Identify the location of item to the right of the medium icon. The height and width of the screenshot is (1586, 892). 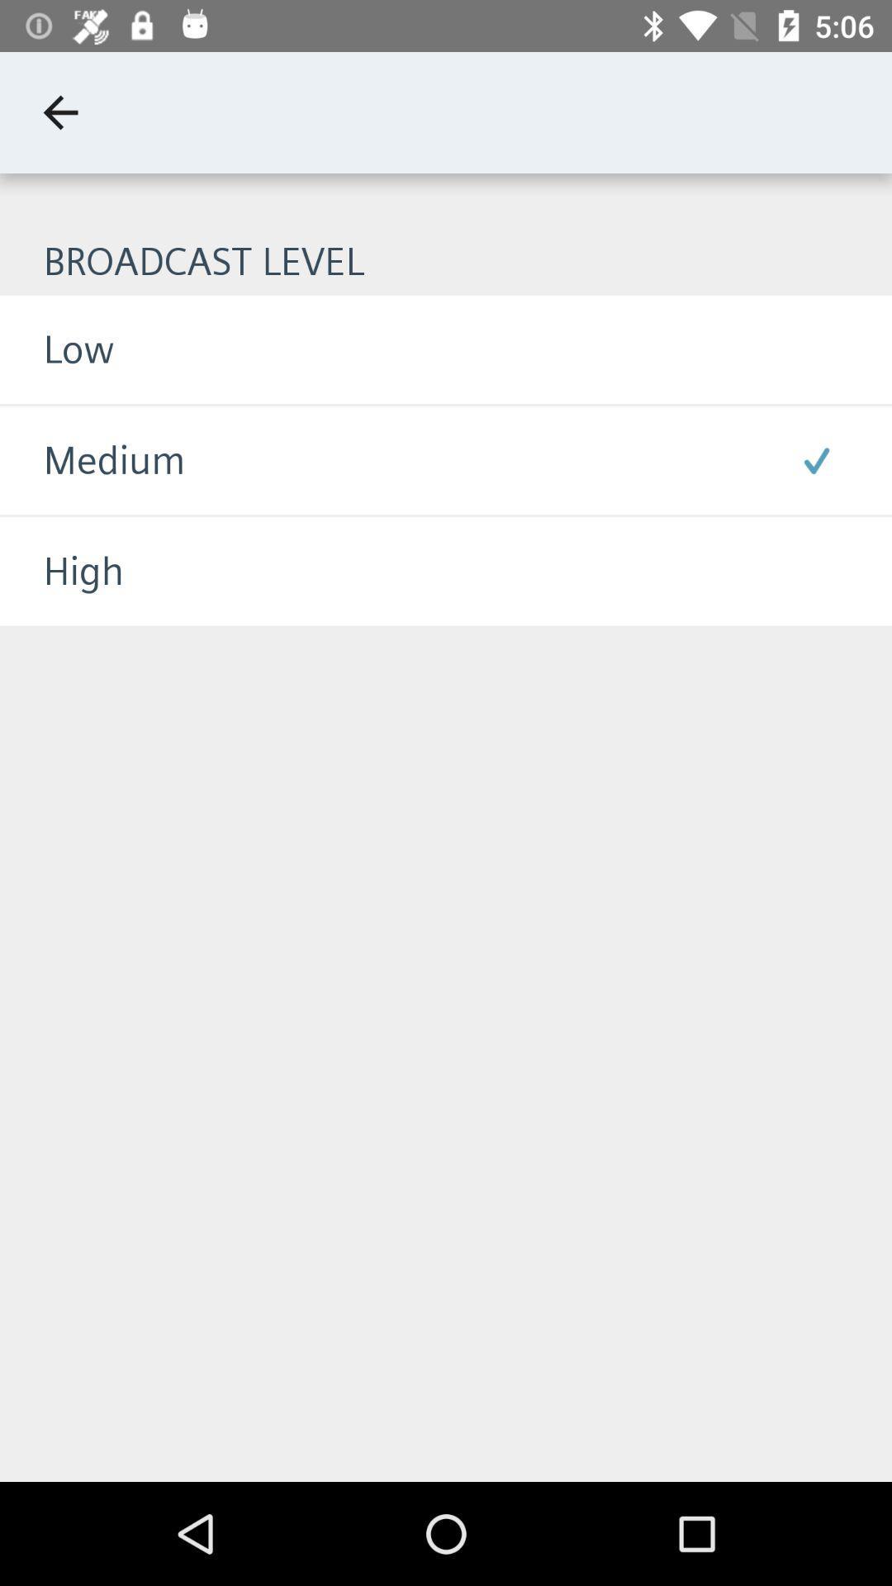
(815, 460).